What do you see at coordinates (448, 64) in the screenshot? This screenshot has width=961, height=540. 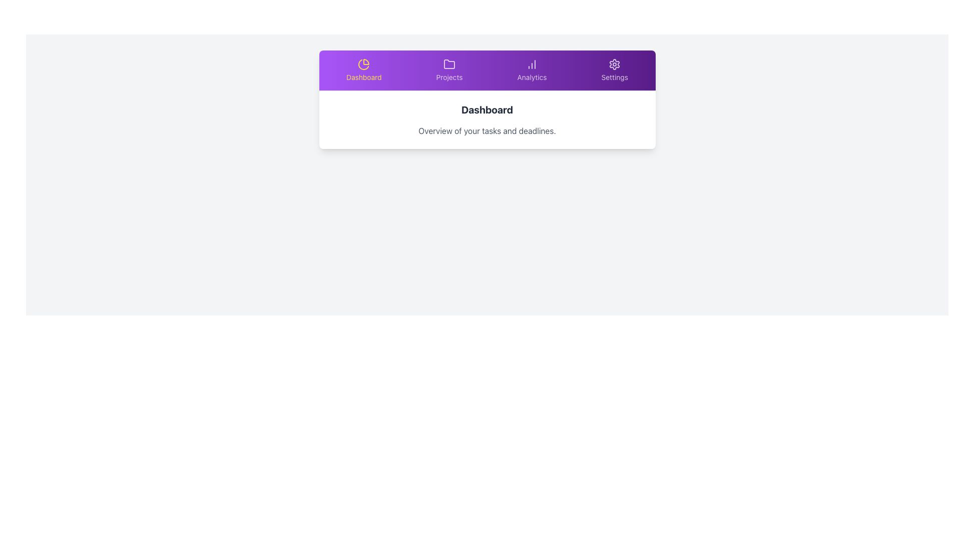 I see `the folder icon located in the navigation bar` at bounding box center [448, 64].